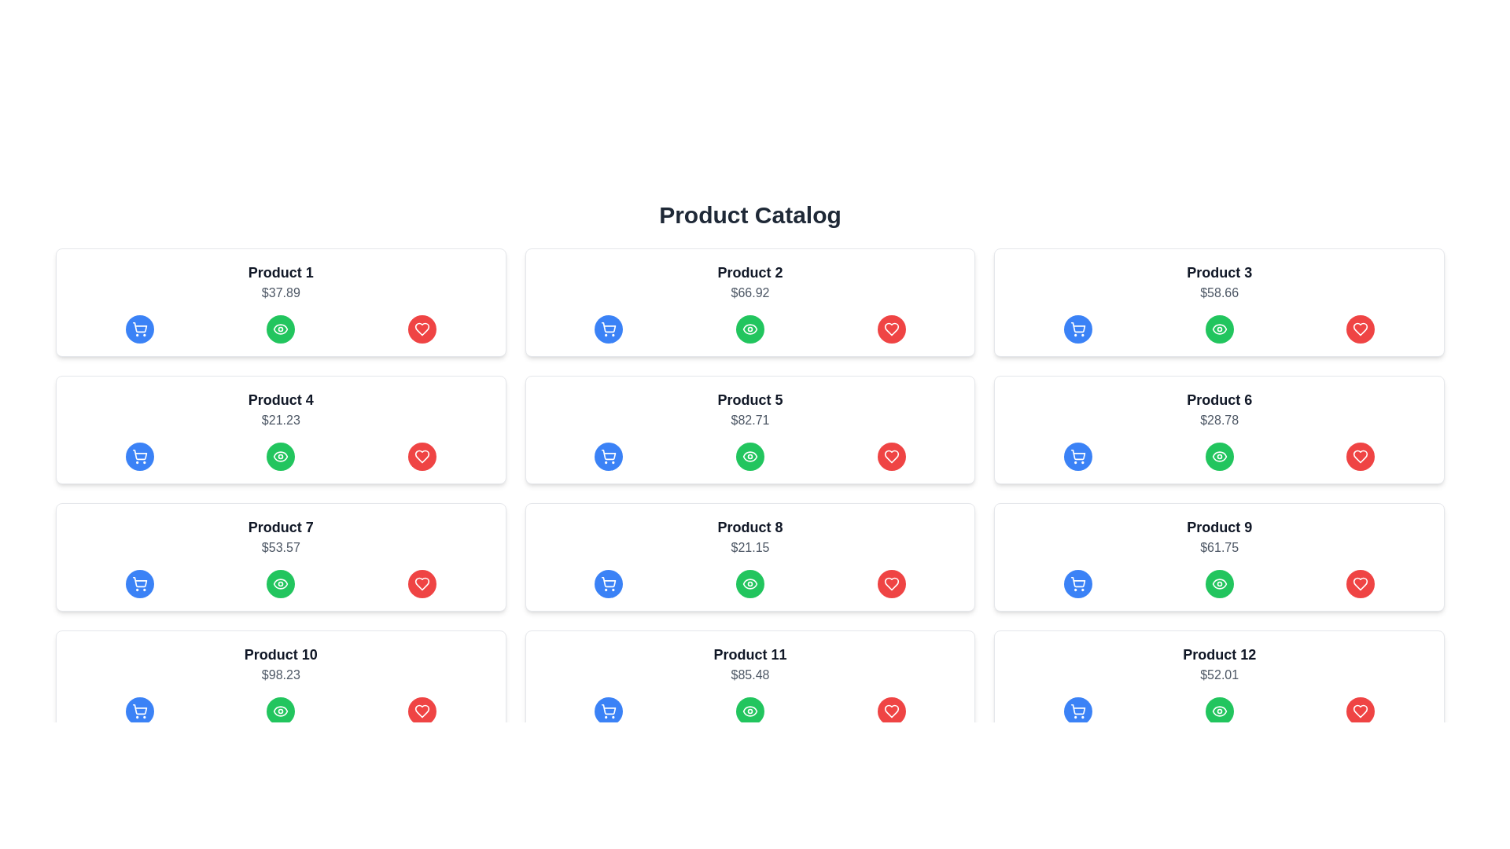 The height and width of the screenshot is (849, 1510). Describe the element at coordinates (139, 329) in the screenshot. I see `the shopping cart icon with a minimal design in a circular blue button on the left side of the 'Product 1' card` at that location.